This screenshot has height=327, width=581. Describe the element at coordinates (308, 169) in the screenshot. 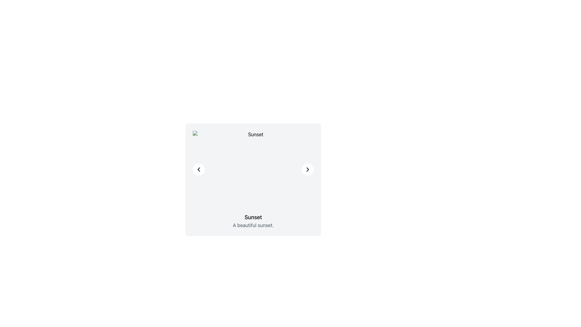

I see `the right-pointing navigational icon located in the top-right section of the card layout` at that location.